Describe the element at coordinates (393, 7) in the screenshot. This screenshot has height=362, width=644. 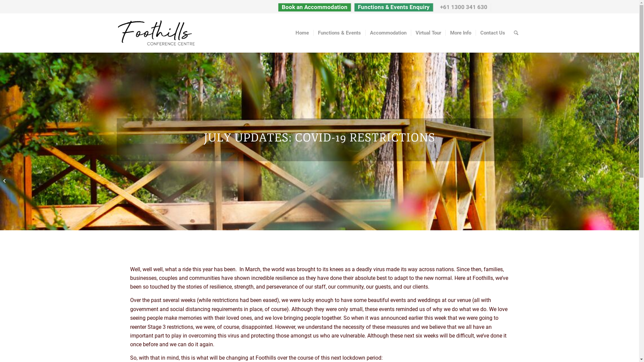
I see `'Functions & Events Enquiry'` at that location.